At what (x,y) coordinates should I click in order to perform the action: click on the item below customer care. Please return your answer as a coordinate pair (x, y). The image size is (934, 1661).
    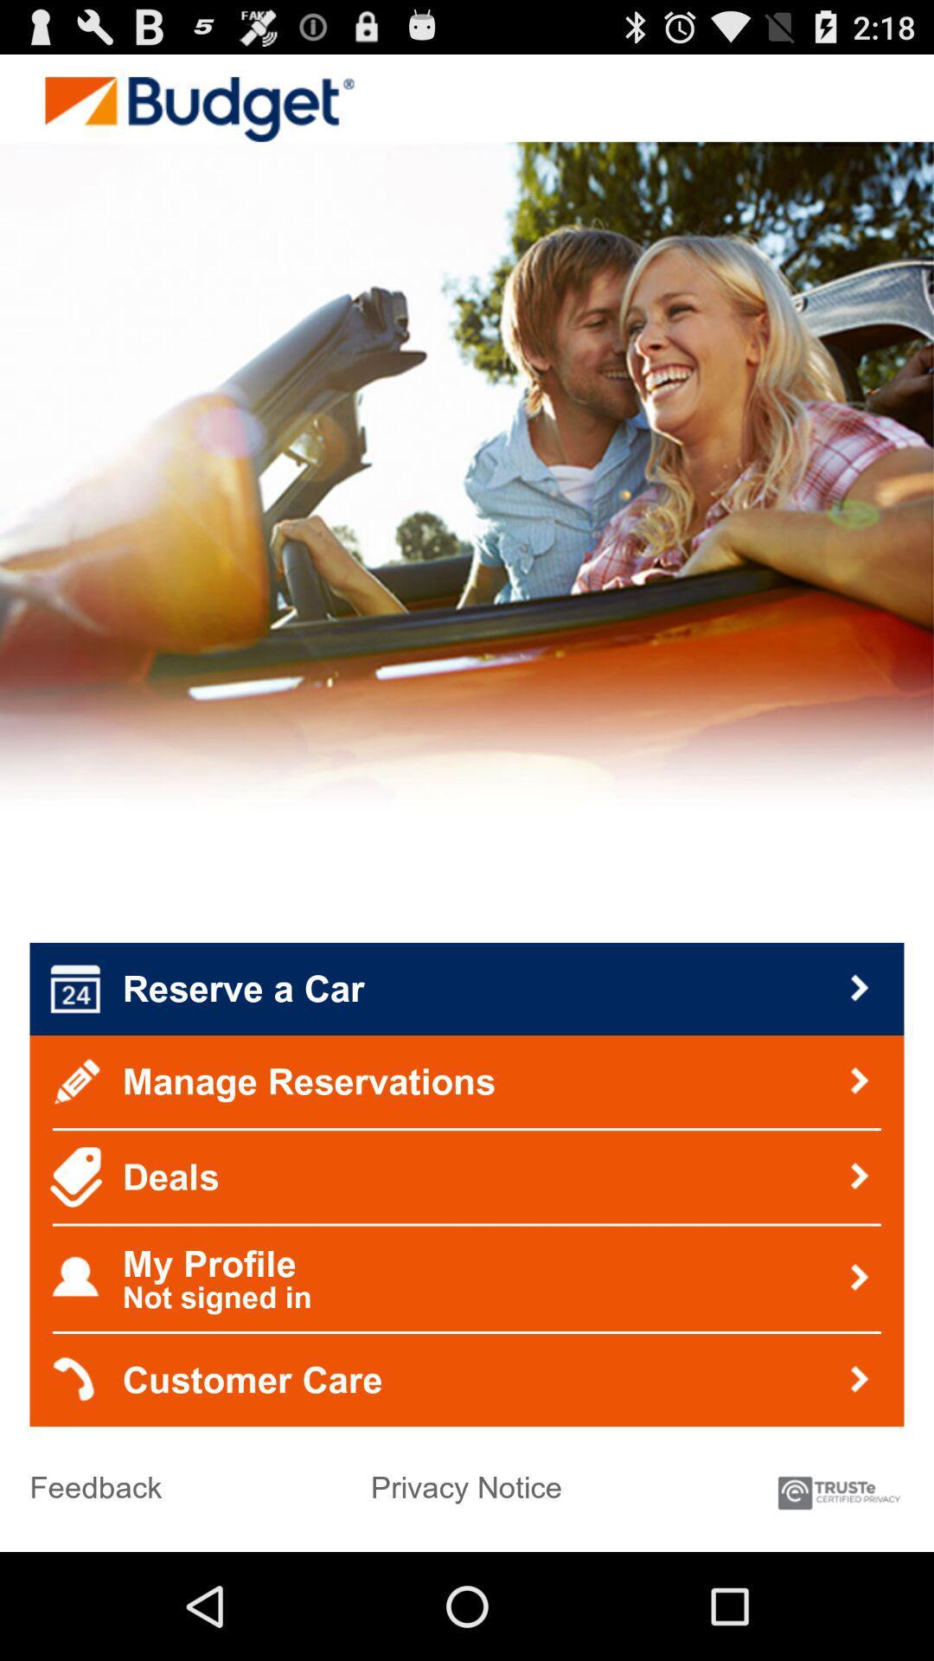
    Looking at the image, I should click on (837, 1484).